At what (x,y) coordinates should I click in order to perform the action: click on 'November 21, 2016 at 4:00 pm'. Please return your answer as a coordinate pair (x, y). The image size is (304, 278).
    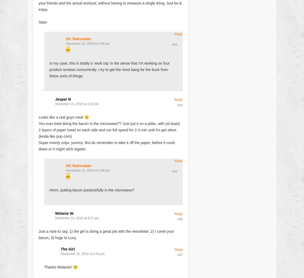
    Looking at the image, I should click on (88, 43).